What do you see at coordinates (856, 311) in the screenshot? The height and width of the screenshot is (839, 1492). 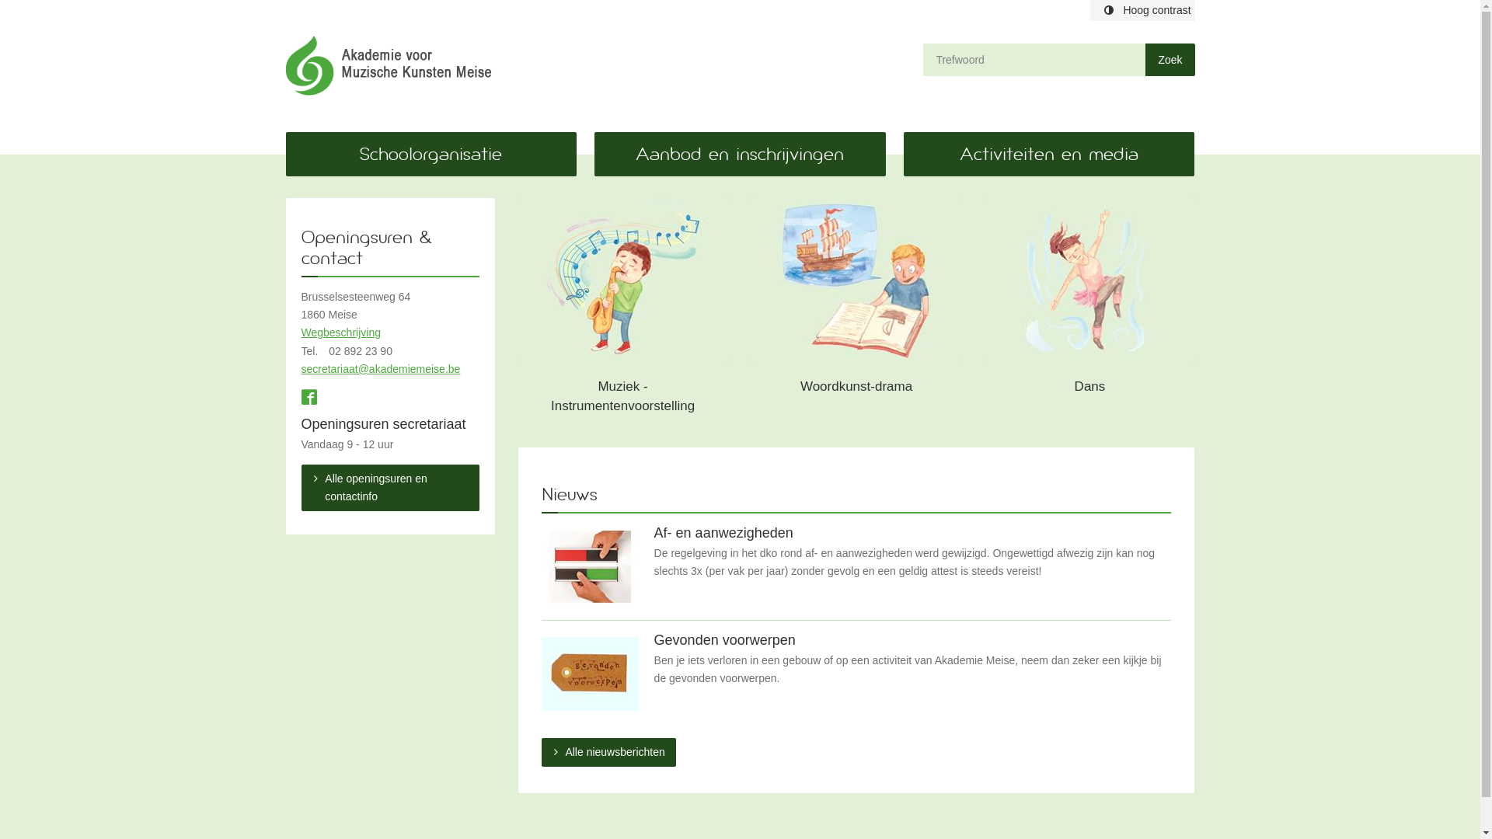 I see `'Woordkunst-drama'` at bounding box center [856, 311].